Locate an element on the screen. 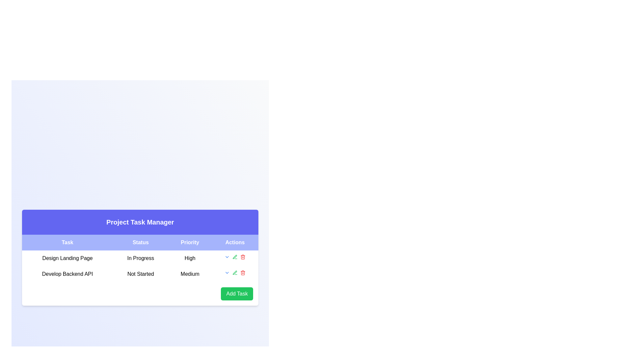 Image resolution: width=632 pixels, height=355 pixels. the 'Medium' text label located in the 'Priority' column of the second row in the 'Project Task Manager' interface is located at coordinates (190, 274).